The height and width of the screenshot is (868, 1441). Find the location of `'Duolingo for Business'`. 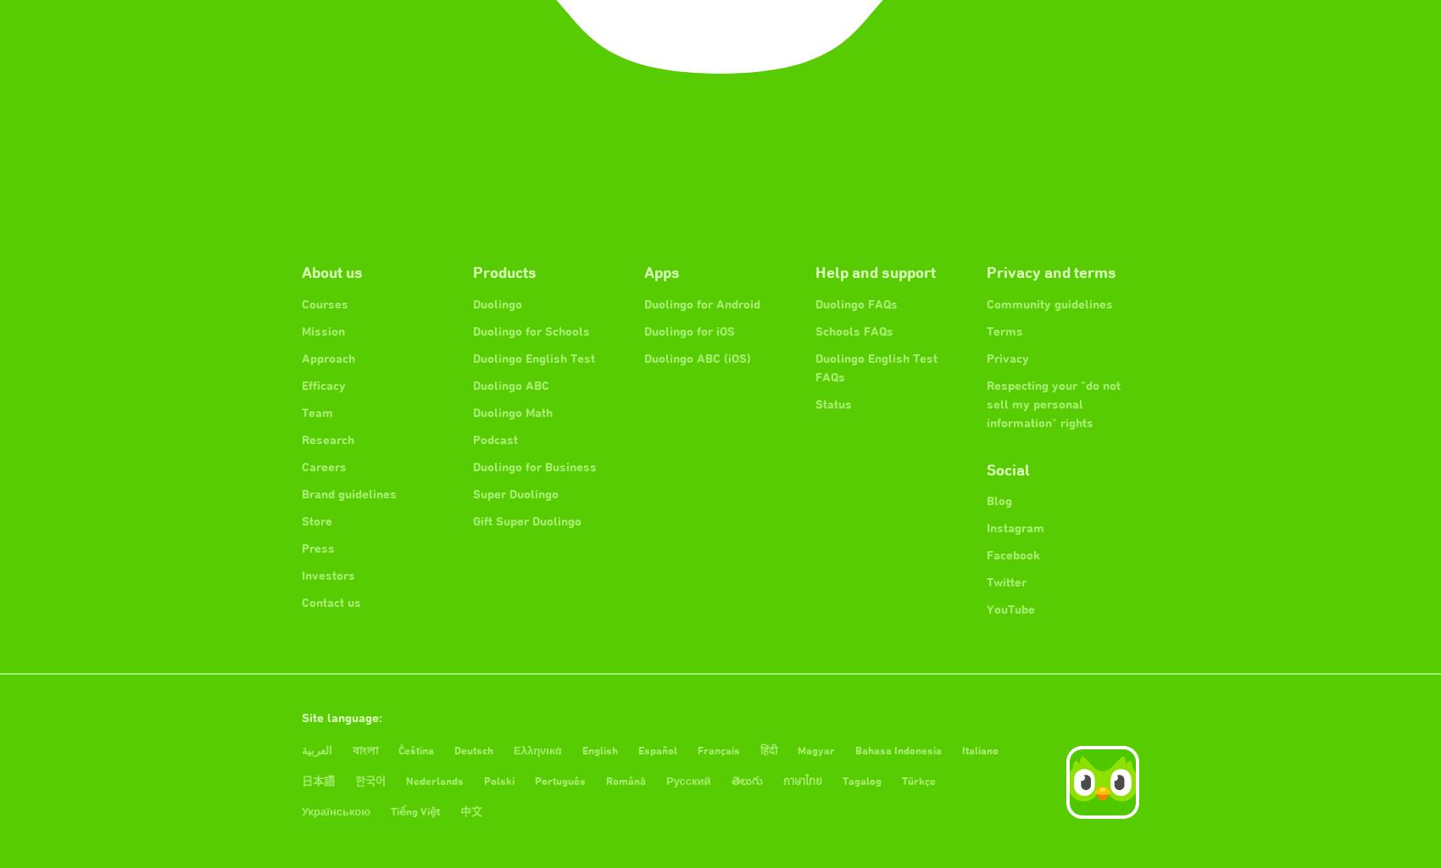

'Duolingo for Business' is located at coordinates (534, 465).